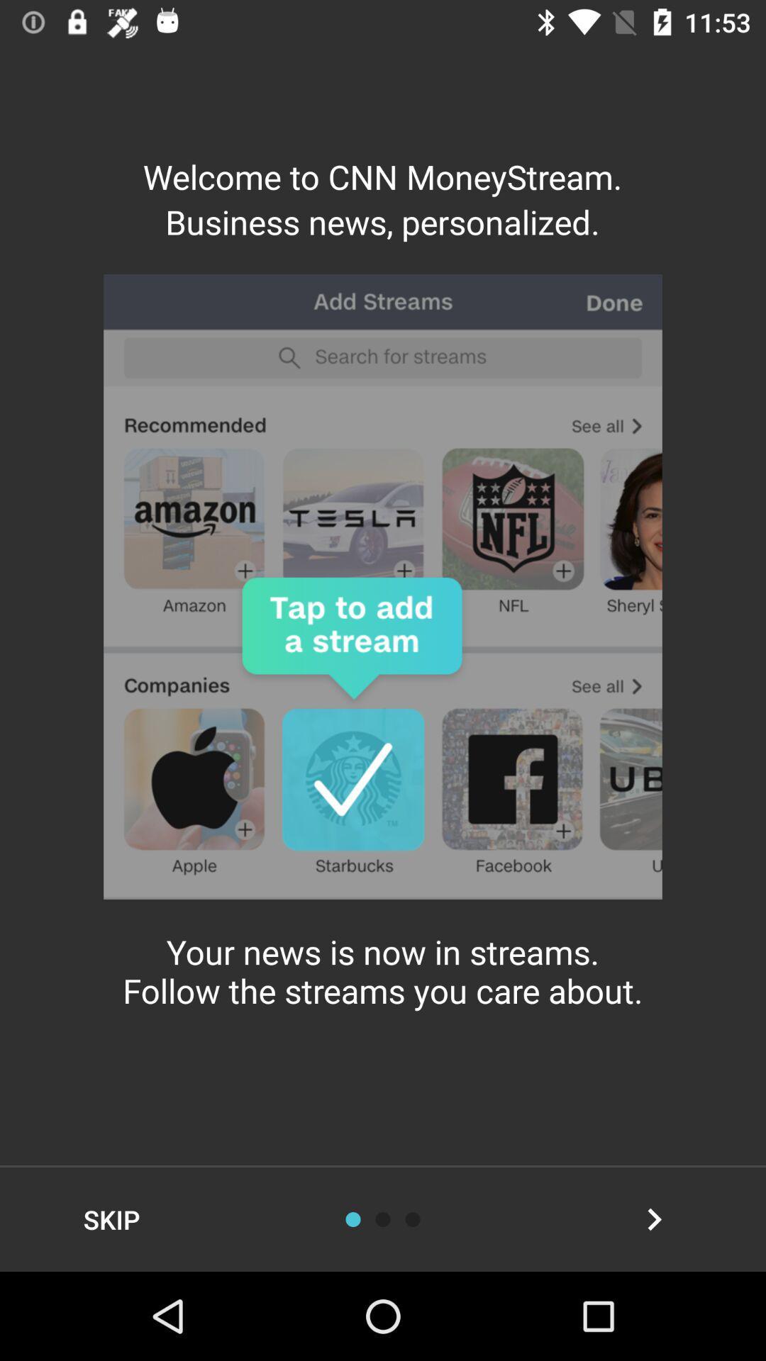 This screenshot has height=1361, width=766. Describe the element at coordinates (413, 1219) in the screenshot. I see `third page` at that location.